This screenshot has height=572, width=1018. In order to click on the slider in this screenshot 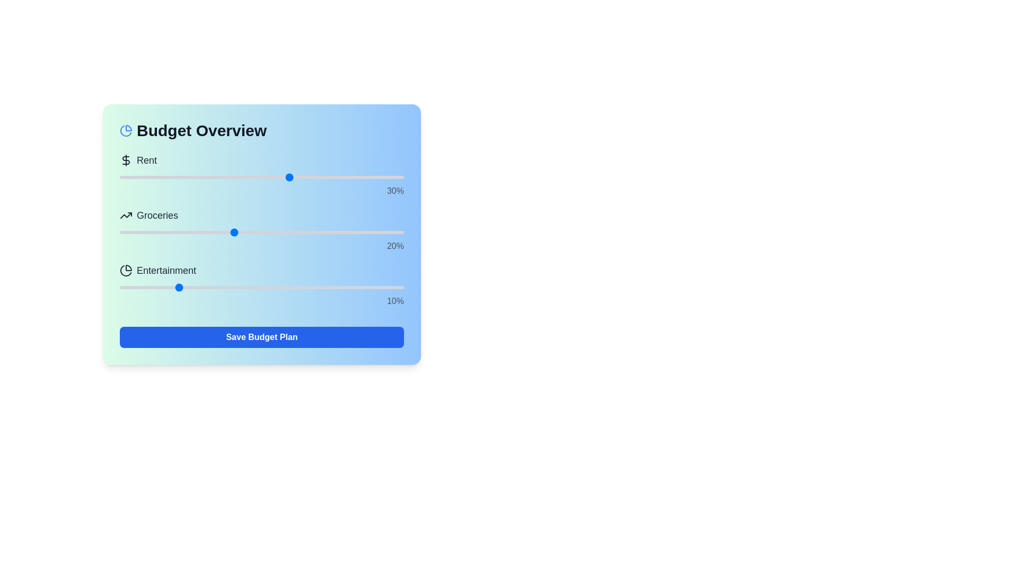, I will do `click(244, 288)`.